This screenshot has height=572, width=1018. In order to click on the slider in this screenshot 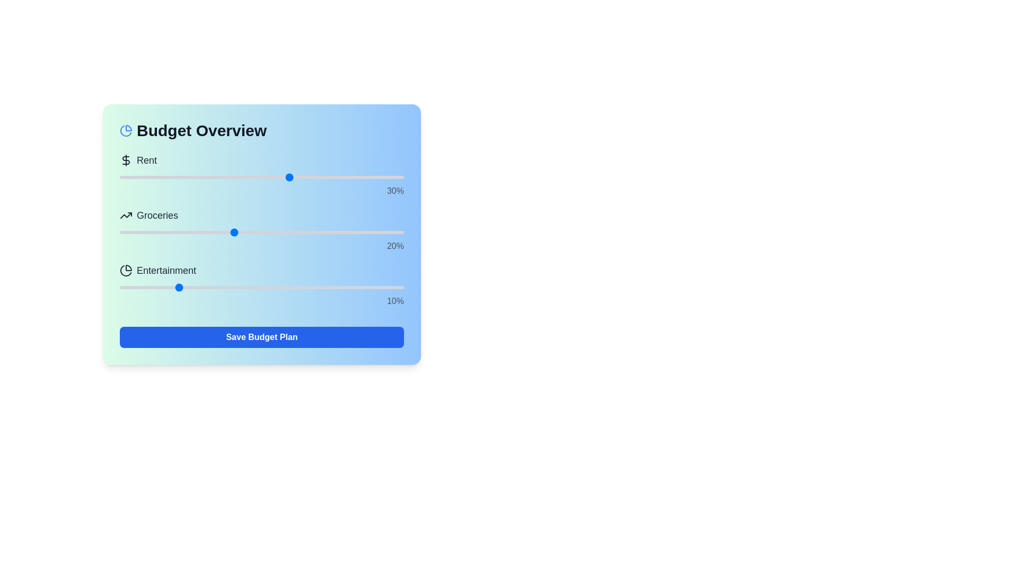, I will do `click(244, 288)`.